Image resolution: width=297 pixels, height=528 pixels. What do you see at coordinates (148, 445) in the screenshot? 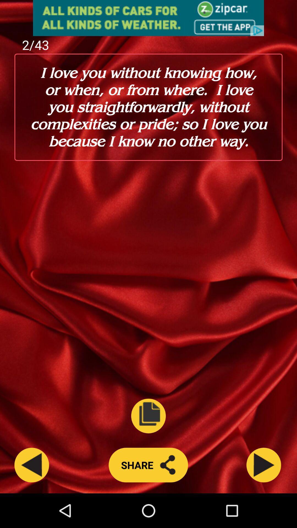
I see `the copy icon` at bounding box center [148, 445].